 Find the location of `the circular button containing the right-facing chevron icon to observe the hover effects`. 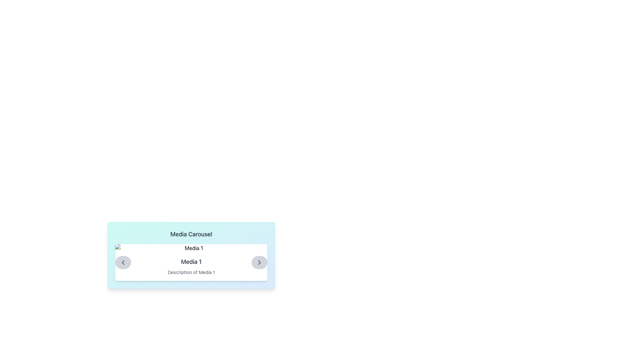

the circular button containing the right-facing chevron icon to observe the hover effects is located at coordinates (259, 262).